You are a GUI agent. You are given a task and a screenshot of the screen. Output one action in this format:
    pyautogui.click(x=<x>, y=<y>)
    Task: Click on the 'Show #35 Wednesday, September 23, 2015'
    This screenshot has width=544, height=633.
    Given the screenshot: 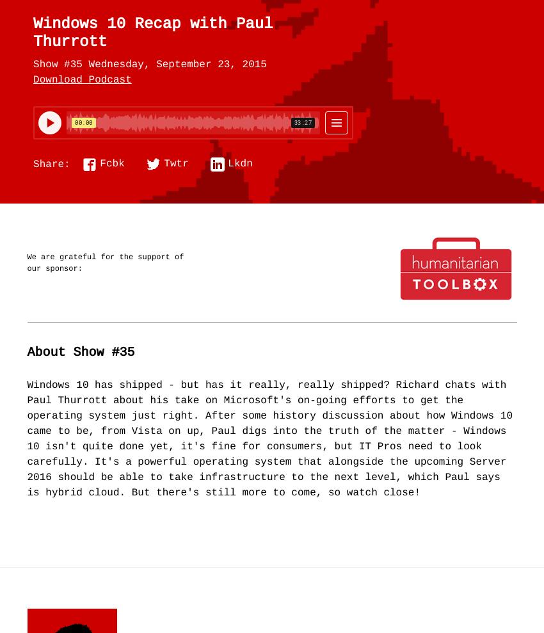 What is the action you would take?
    pyautogui.click(x=150, y=64)
    